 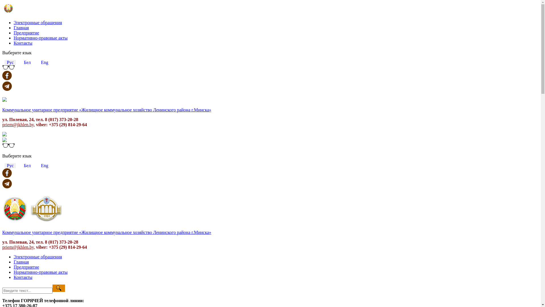 I want to click on 'priem@jkhlen.by', so click(x=2, y=124).